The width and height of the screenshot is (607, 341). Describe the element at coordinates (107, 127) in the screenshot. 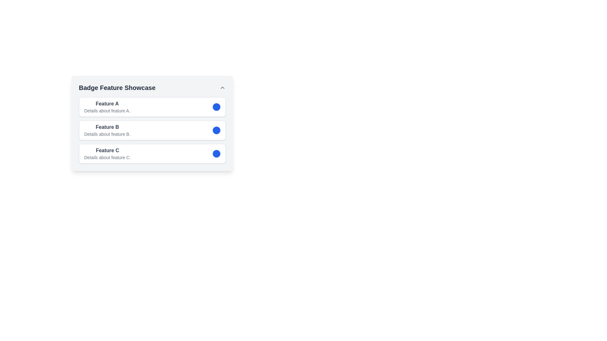

I see `the text label that serves as the title for the associated feature details in the 'Badge Feature Showcase' section, located at the top of the middle list item` at that location.